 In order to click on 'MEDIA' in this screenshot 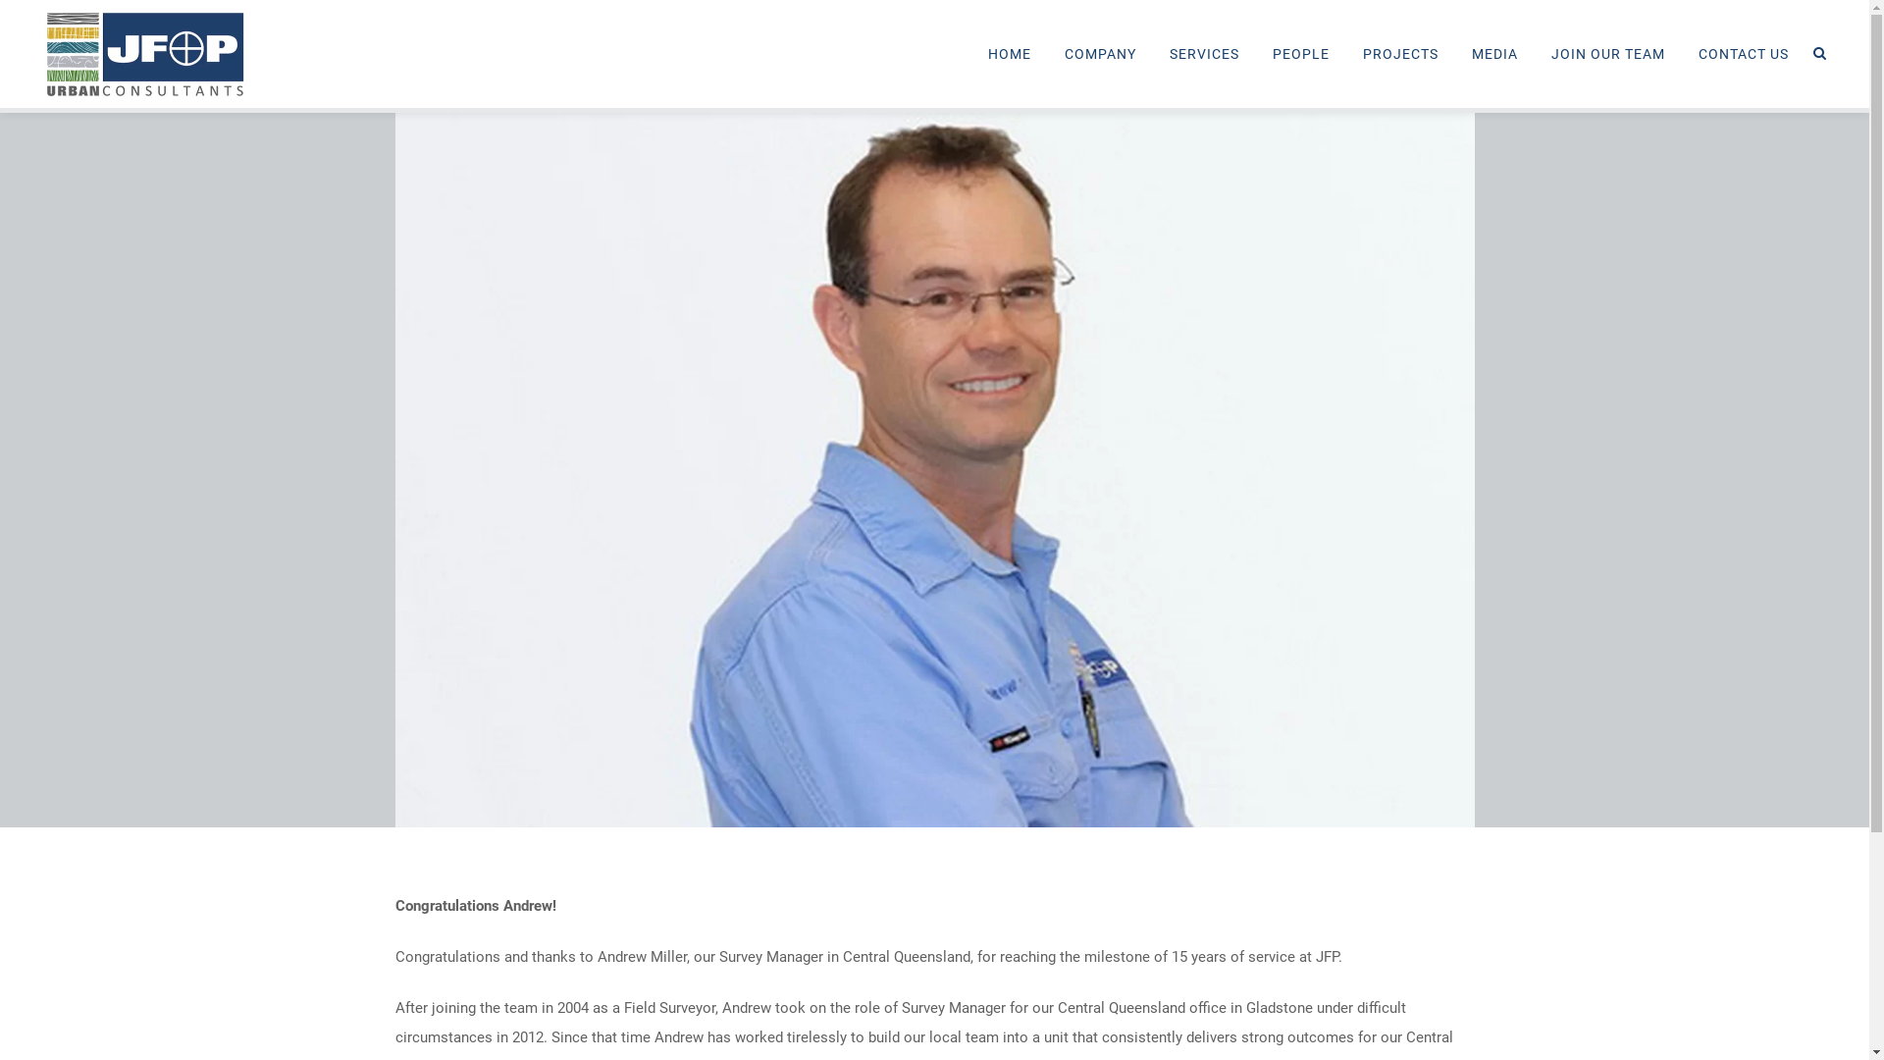, I will do `click(1493, 52)`.